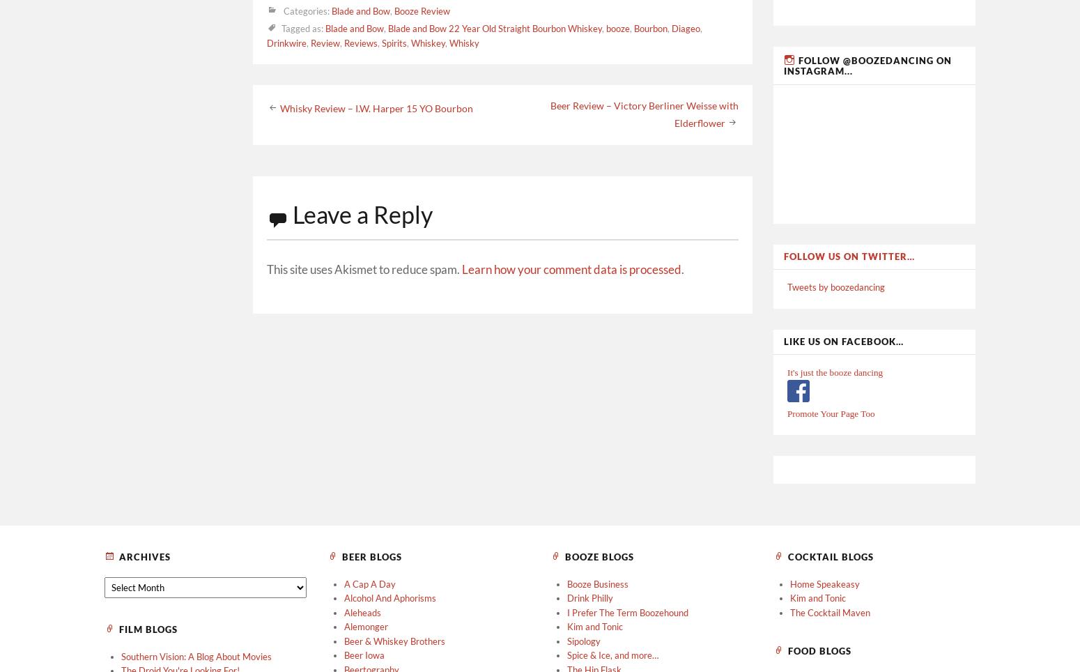 Image resolution: width=1080 pixels, height=672 pixels. Describe the element at coordinates (369, 583) in the screenshot. I see `'A Cap A Day'` at that location.